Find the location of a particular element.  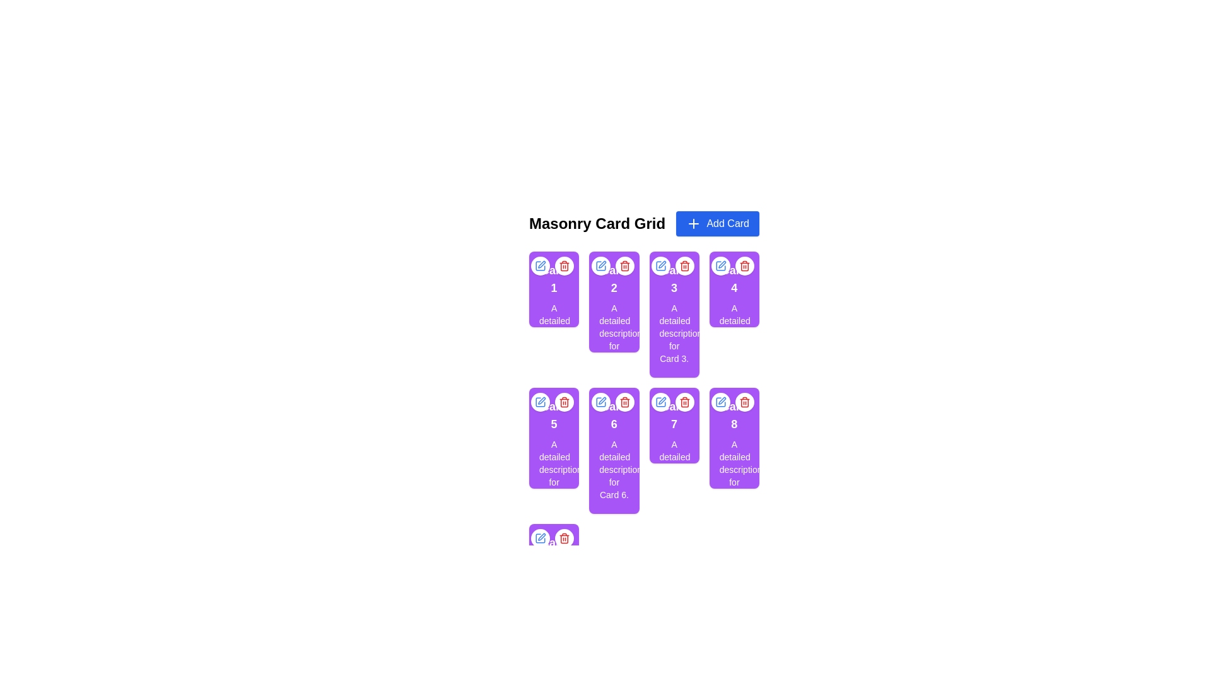

the plus icon located to the left of the 'Add Card' button in the top-right corner of the interface is located at coordinates (693, 223).